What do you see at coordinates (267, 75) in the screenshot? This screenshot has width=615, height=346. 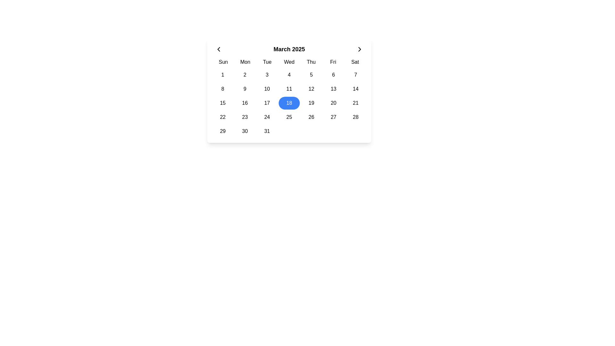 I see `the circular button displaying the number '3' to activate its functionality` at bounding box center [267, 75].